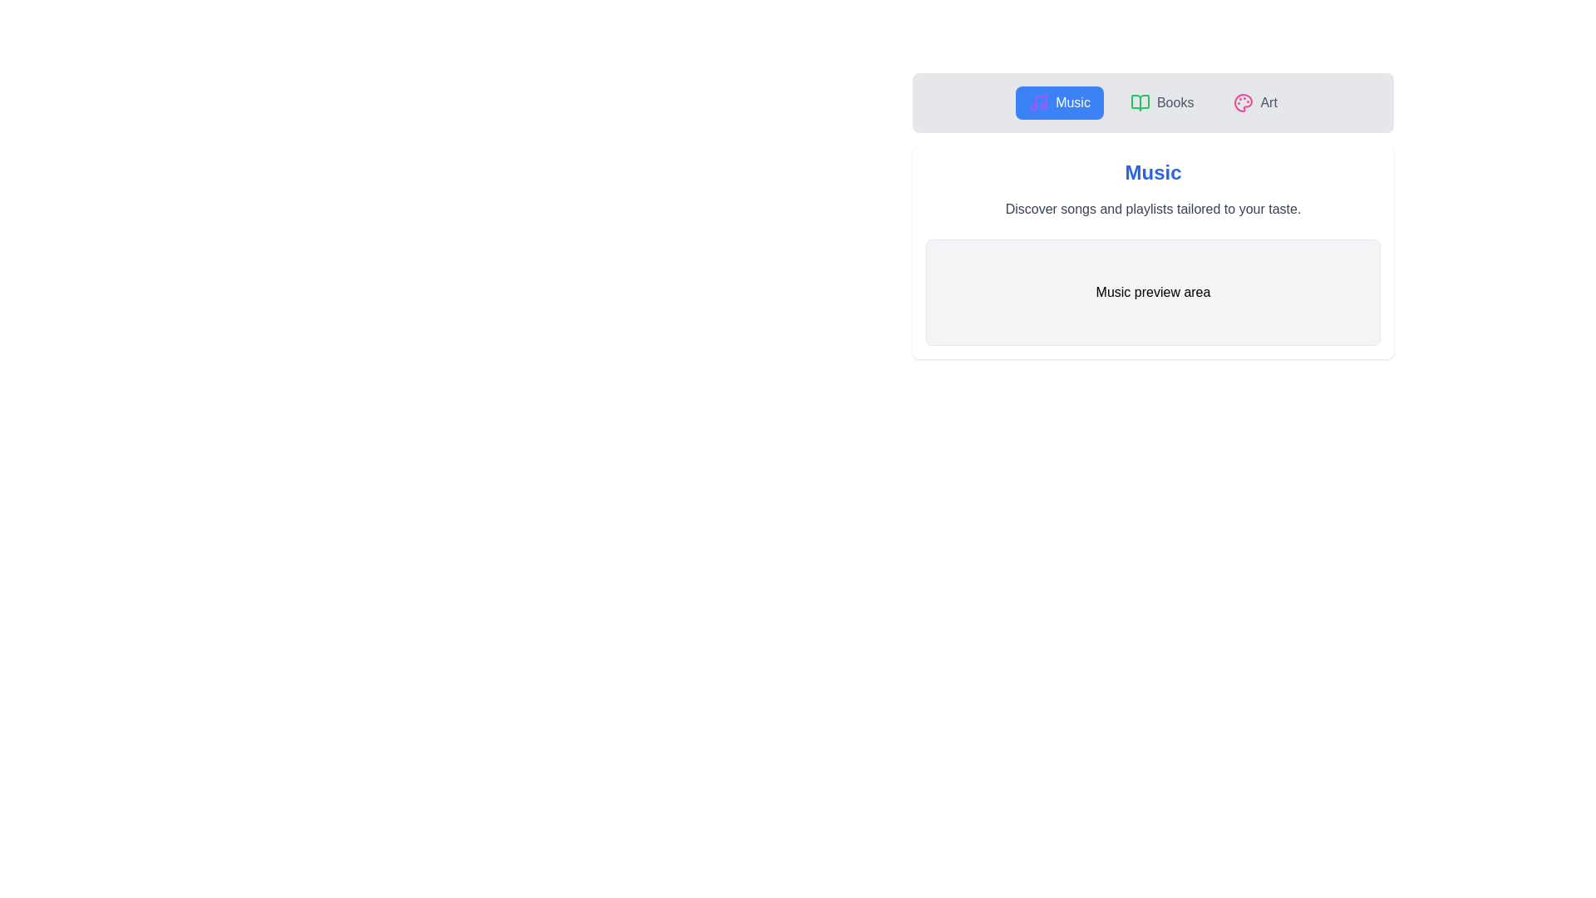 The width and height of the screenshot is (1596, 898). What do you see at coordinates (1059, 102) in the screenshot?
I see `the Music tab by clicking on its button` at bounding box center [1059, 102].